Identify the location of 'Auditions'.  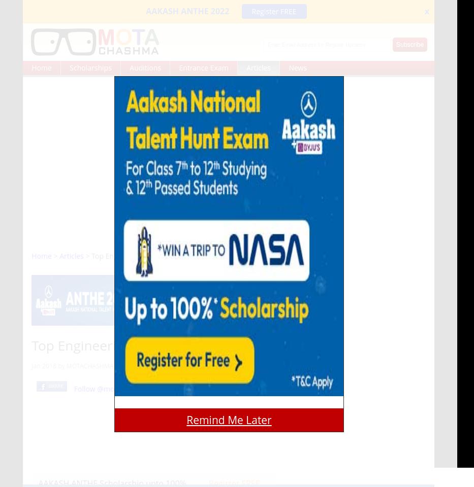
(145, 67).